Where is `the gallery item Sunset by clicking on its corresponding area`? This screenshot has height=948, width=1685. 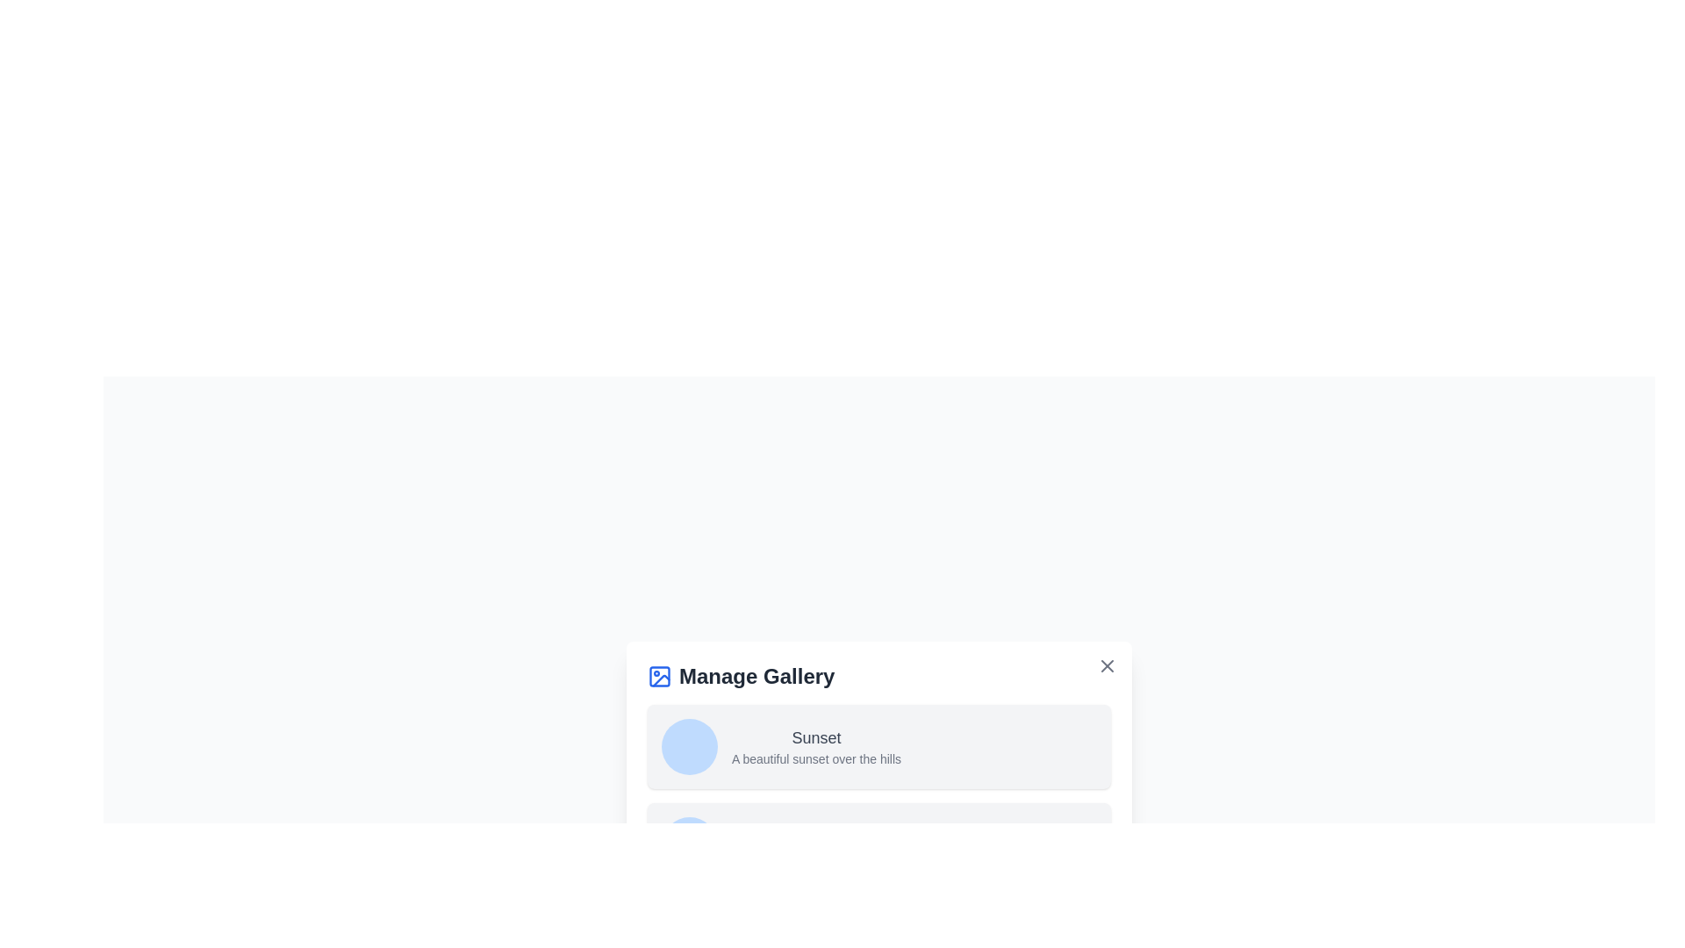
the gallery item Sunset by clicking on its corresponding area is located at coordinates (815, 747).